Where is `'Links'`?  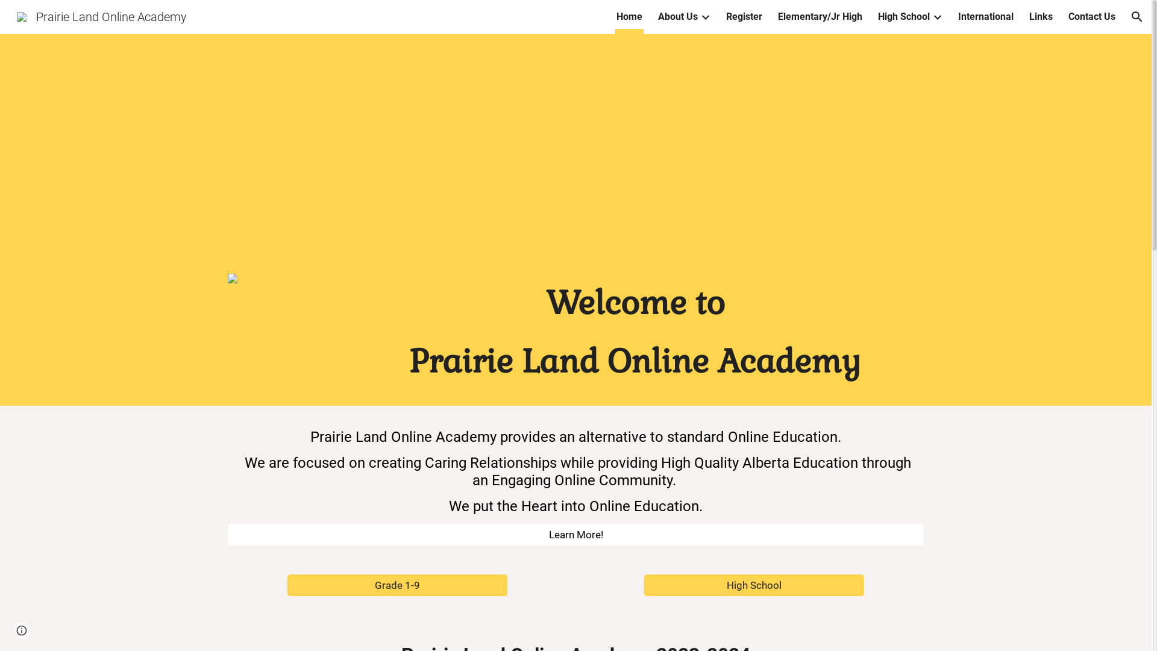 'Links' is located at coordinates (1040, 16).